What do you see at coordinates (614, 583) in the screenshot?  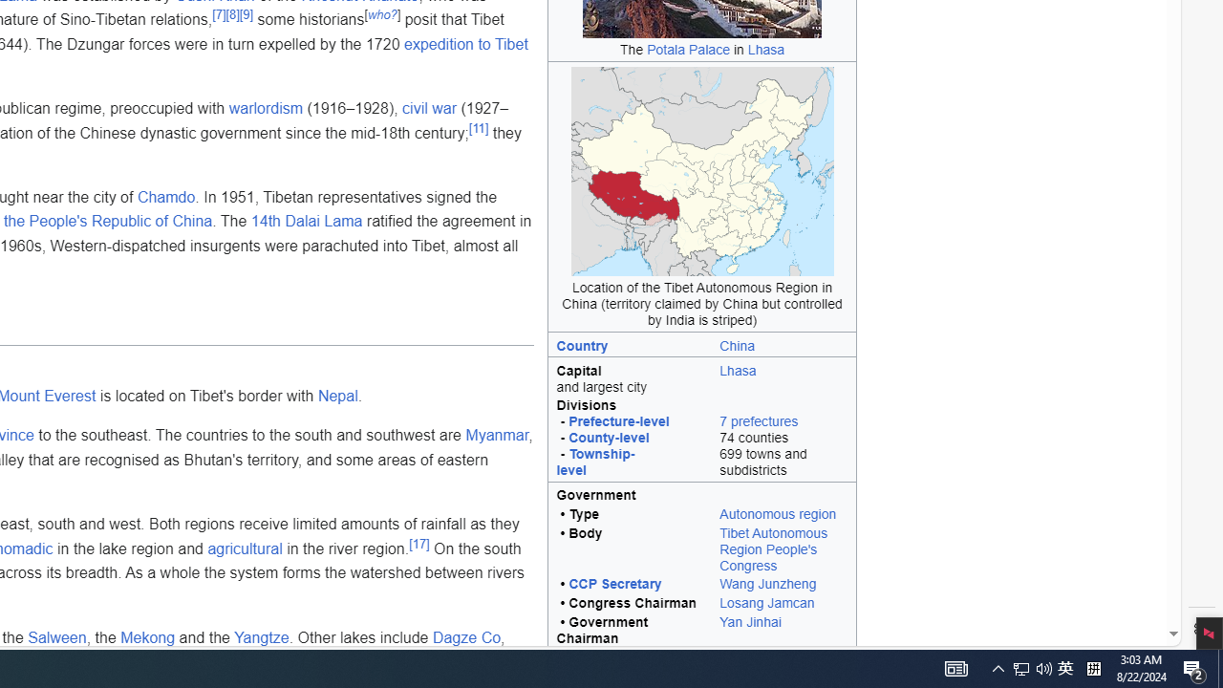 I see `'CCP Secretary'` at bounding box center [614, 583].